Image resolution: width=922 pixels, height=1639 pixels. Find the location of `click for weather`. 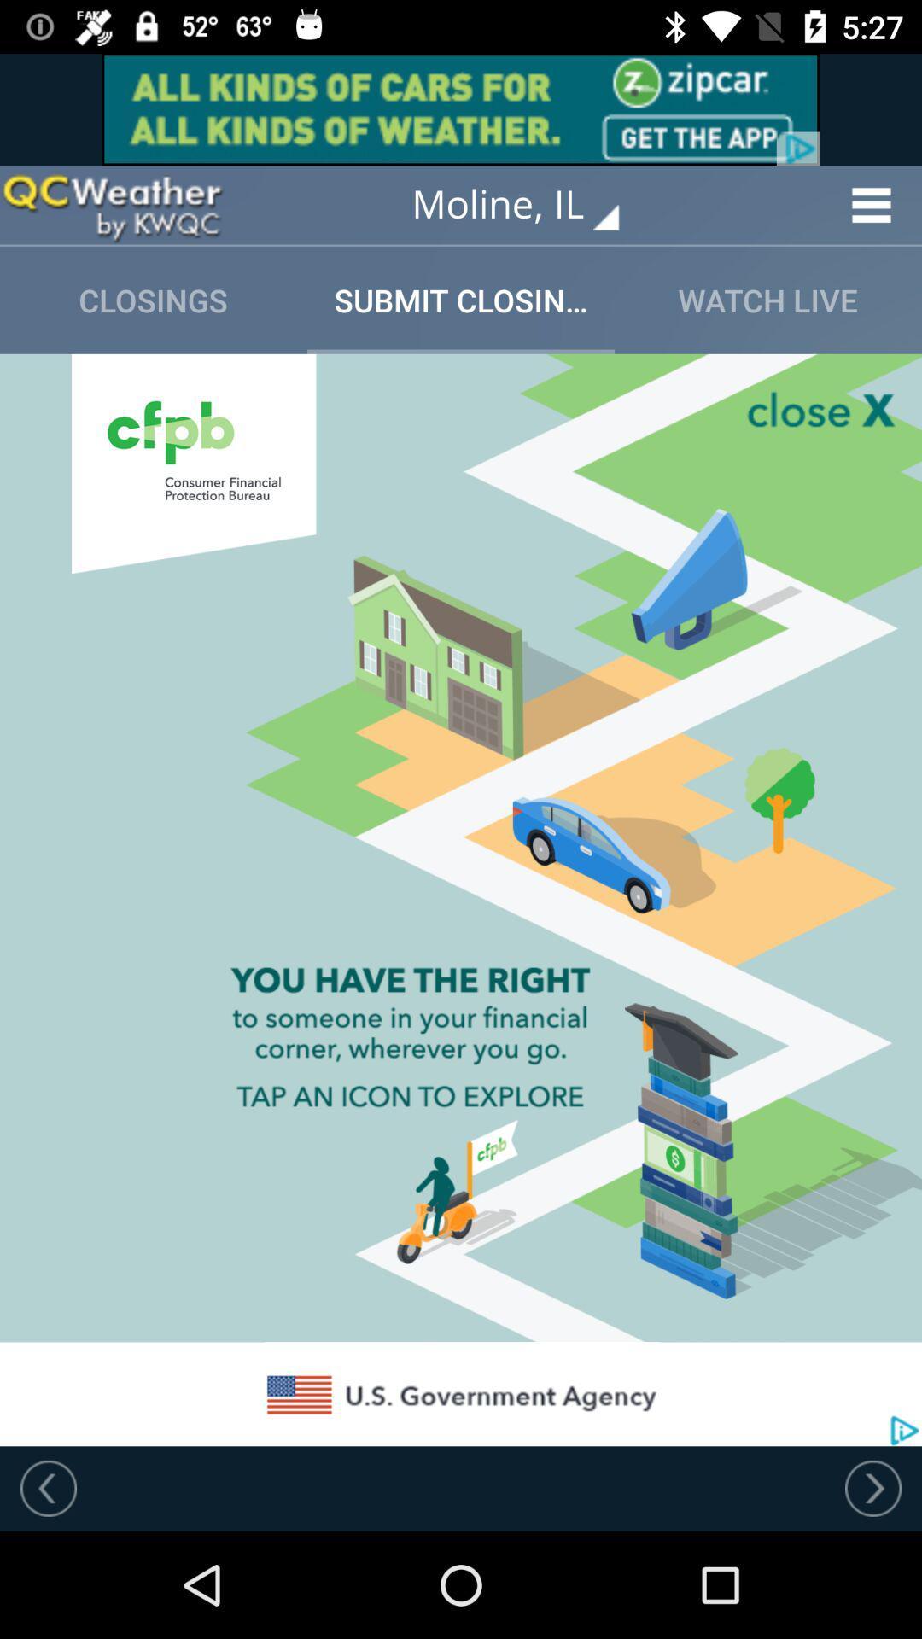

click for weather is located at coordinates (112, 205).